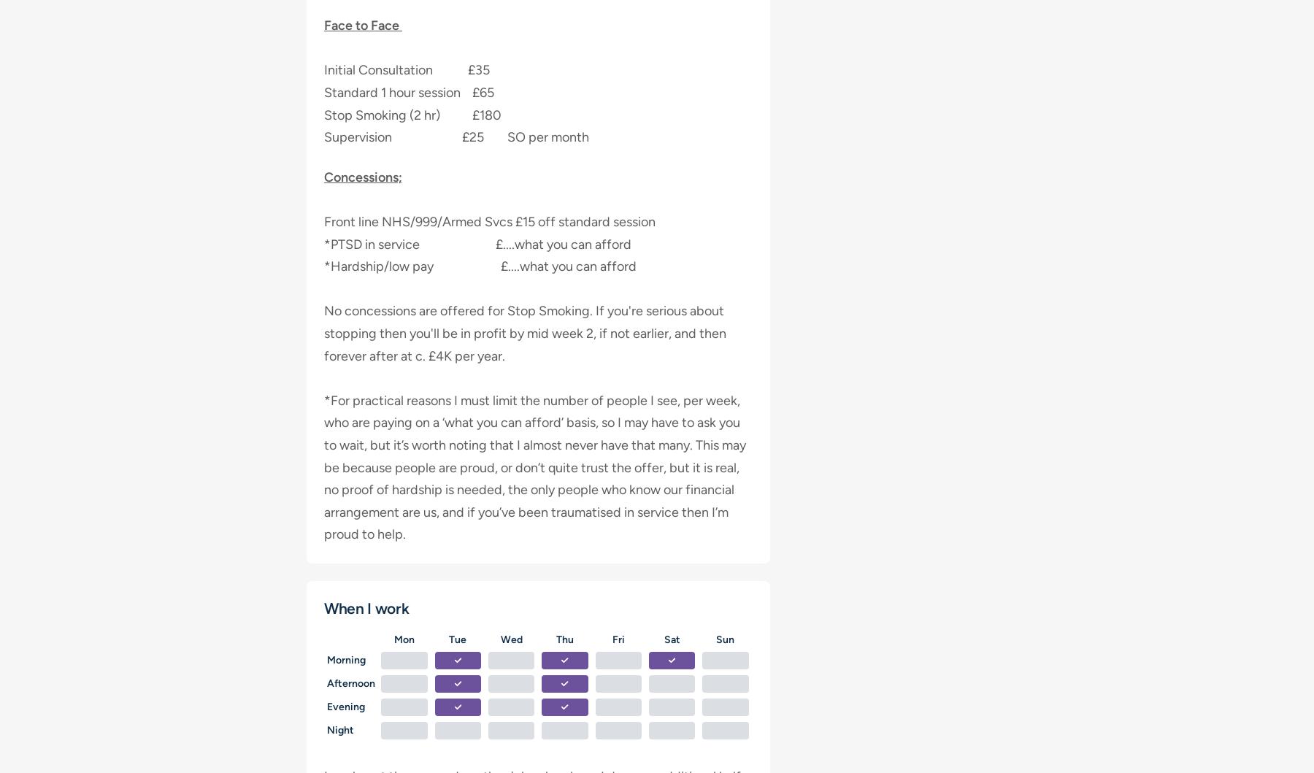  What do you see at coordinates (366, 607) in the screenshot?
I see `'When I work'` at bounding box center [366, 607].